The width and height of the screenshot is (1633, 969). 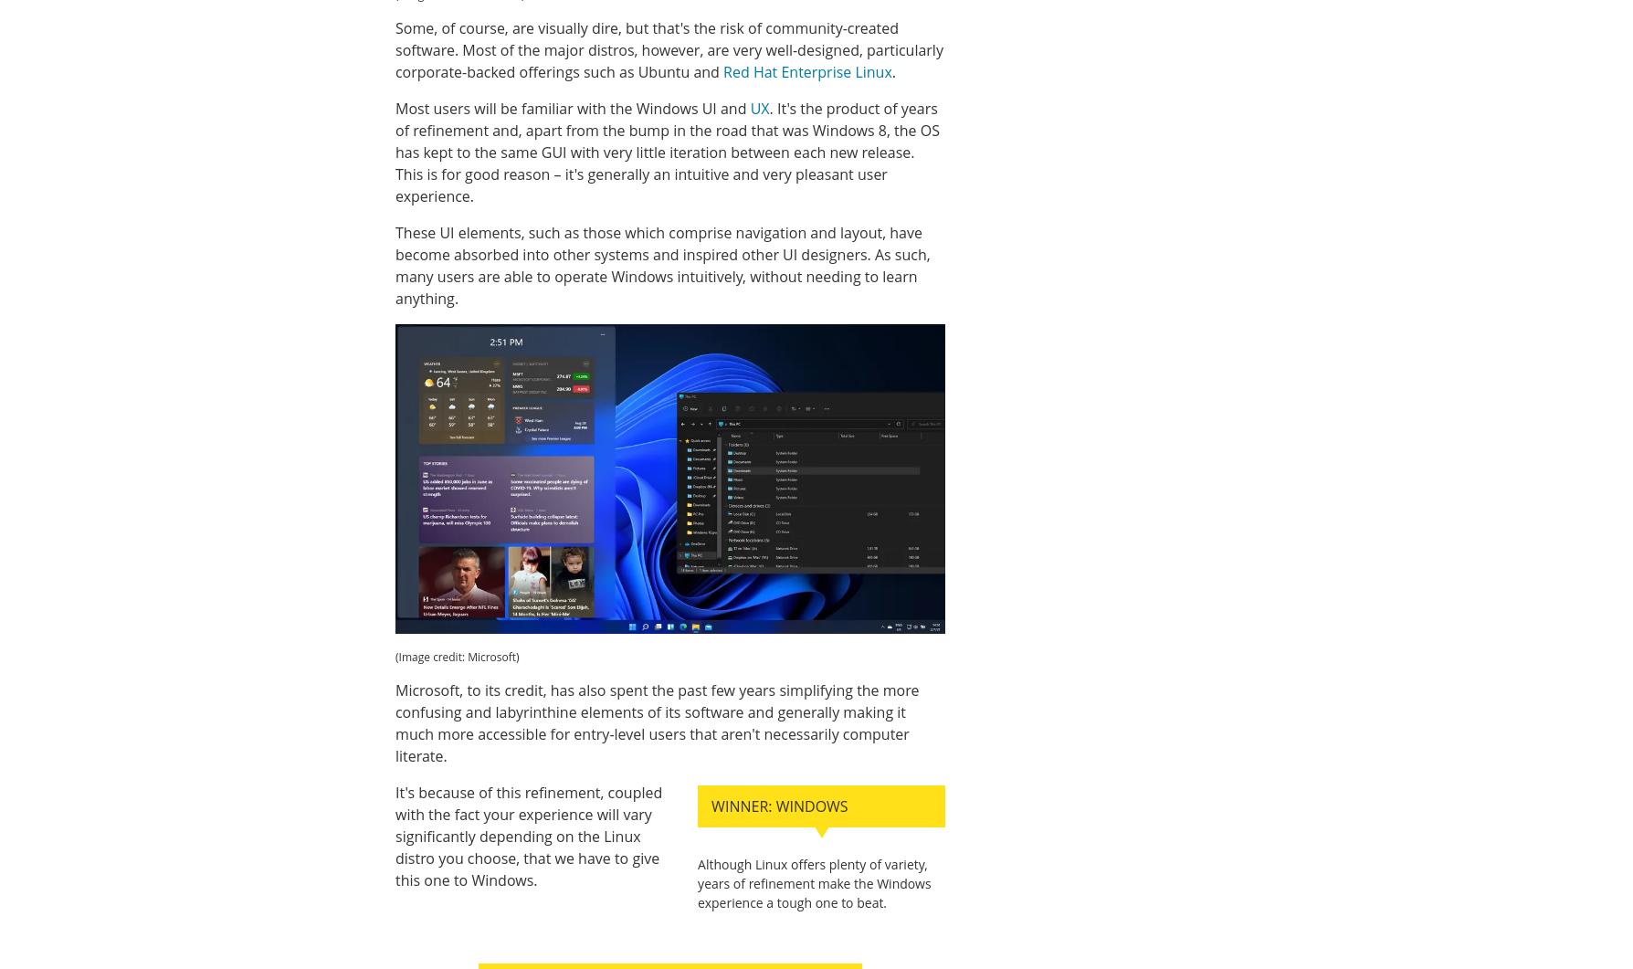 I want to click on 'Red Hat Enterprise Linux', so click(x=806, y=70).